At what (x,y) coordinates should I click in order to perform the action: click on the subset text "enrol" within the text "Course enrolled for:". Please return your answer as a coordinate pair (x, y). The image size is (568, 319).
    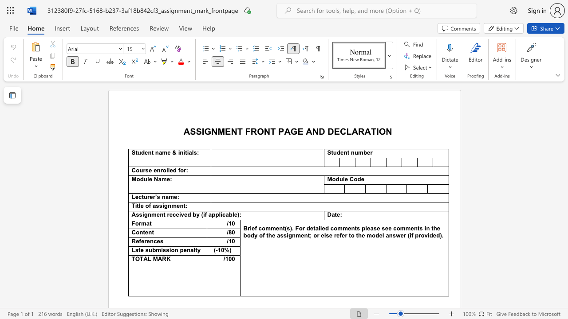
    Looking at the image, I should click on (154, 170).